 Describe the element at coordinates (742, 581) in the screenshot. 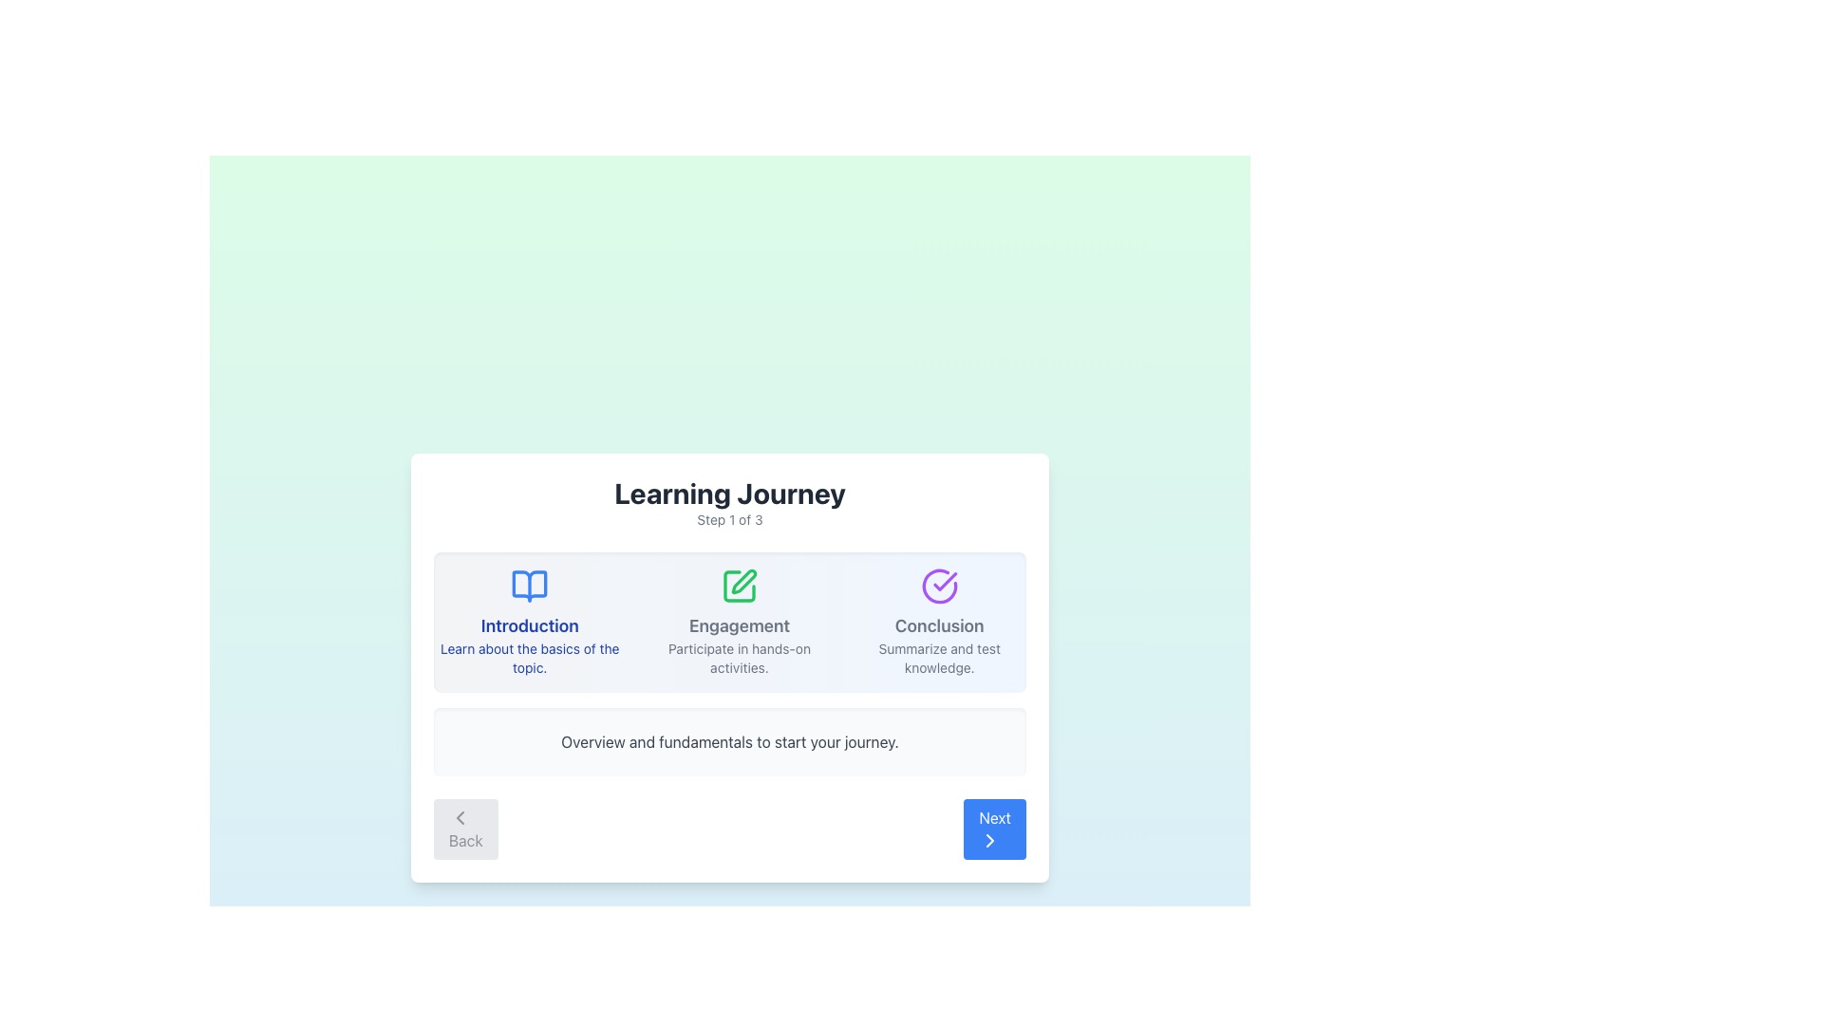

I see `the pen-like icon with a green stroke located in the 'Engagement' section to initiate an action` at that location.